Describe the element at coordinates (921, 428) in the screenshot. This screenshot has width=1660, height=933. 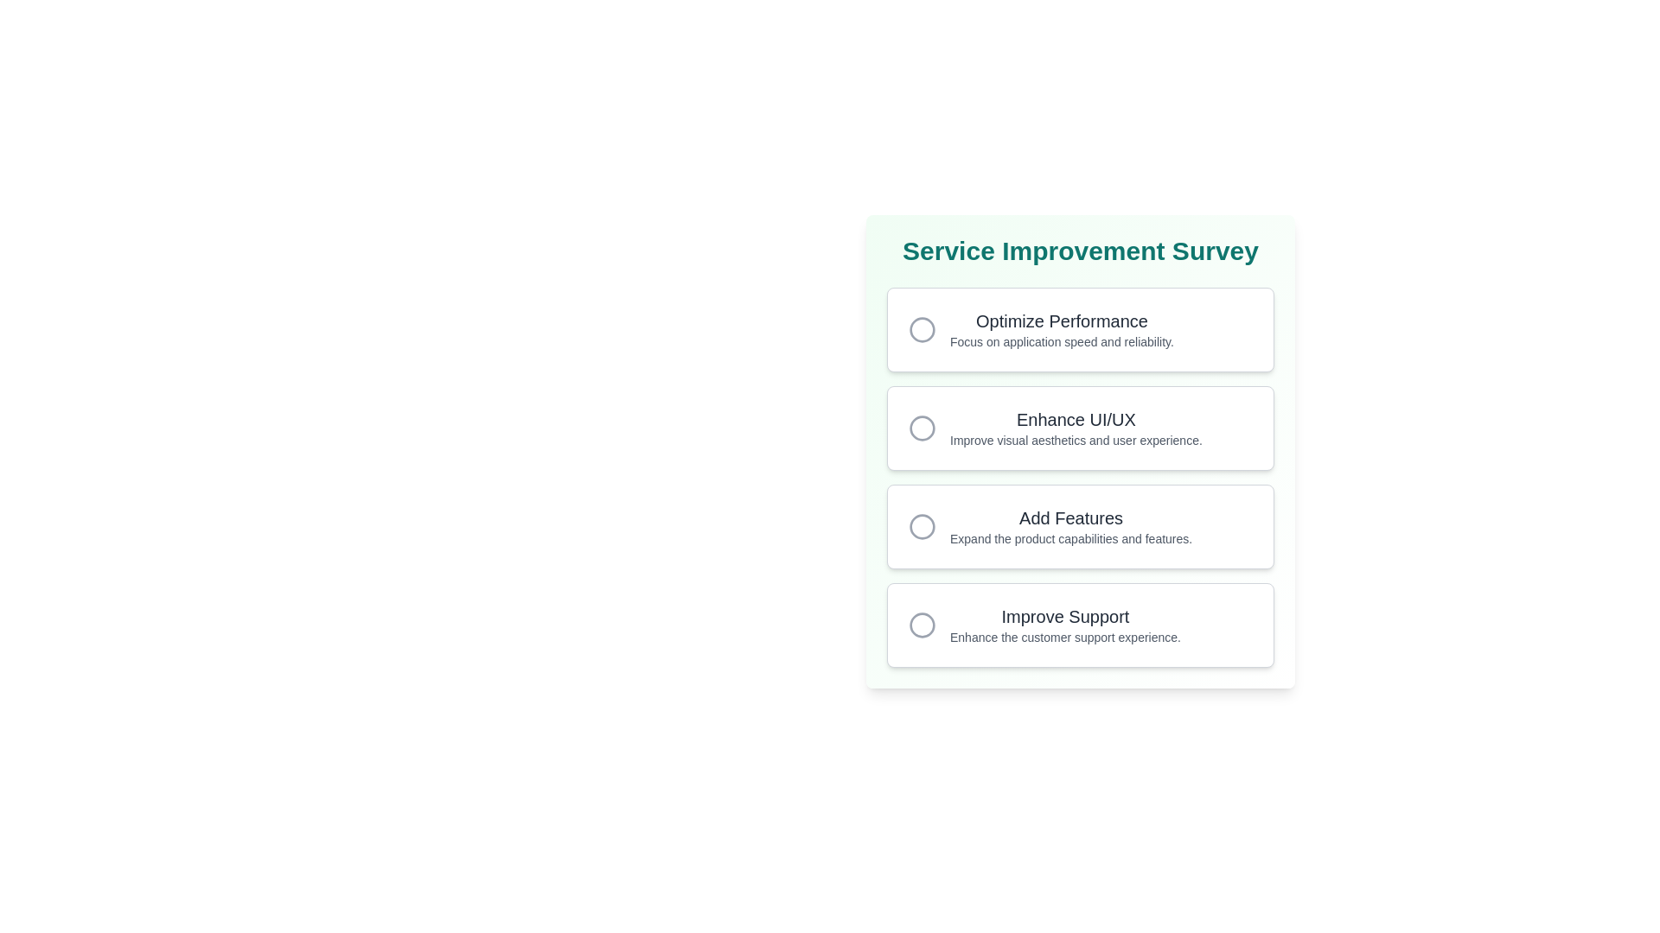
I see `the interactive radio button indicator for the 'Enhance UI/UX' option in the 'Service Improvement Survey'` at that location.